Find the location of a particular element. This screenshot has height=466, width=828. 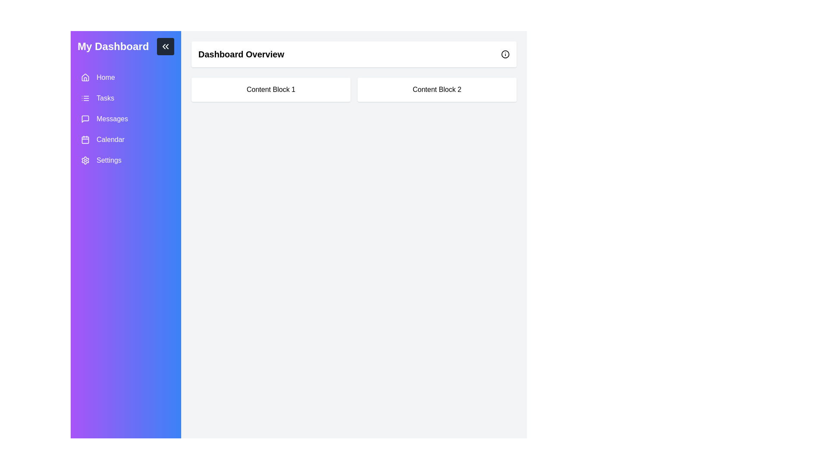

the Information icon, which is a minimalistic circle with a lowercase 'i' inside, located in the top-right corner of the 'Dashboard Overview' section is located at coordinates (505, 54).